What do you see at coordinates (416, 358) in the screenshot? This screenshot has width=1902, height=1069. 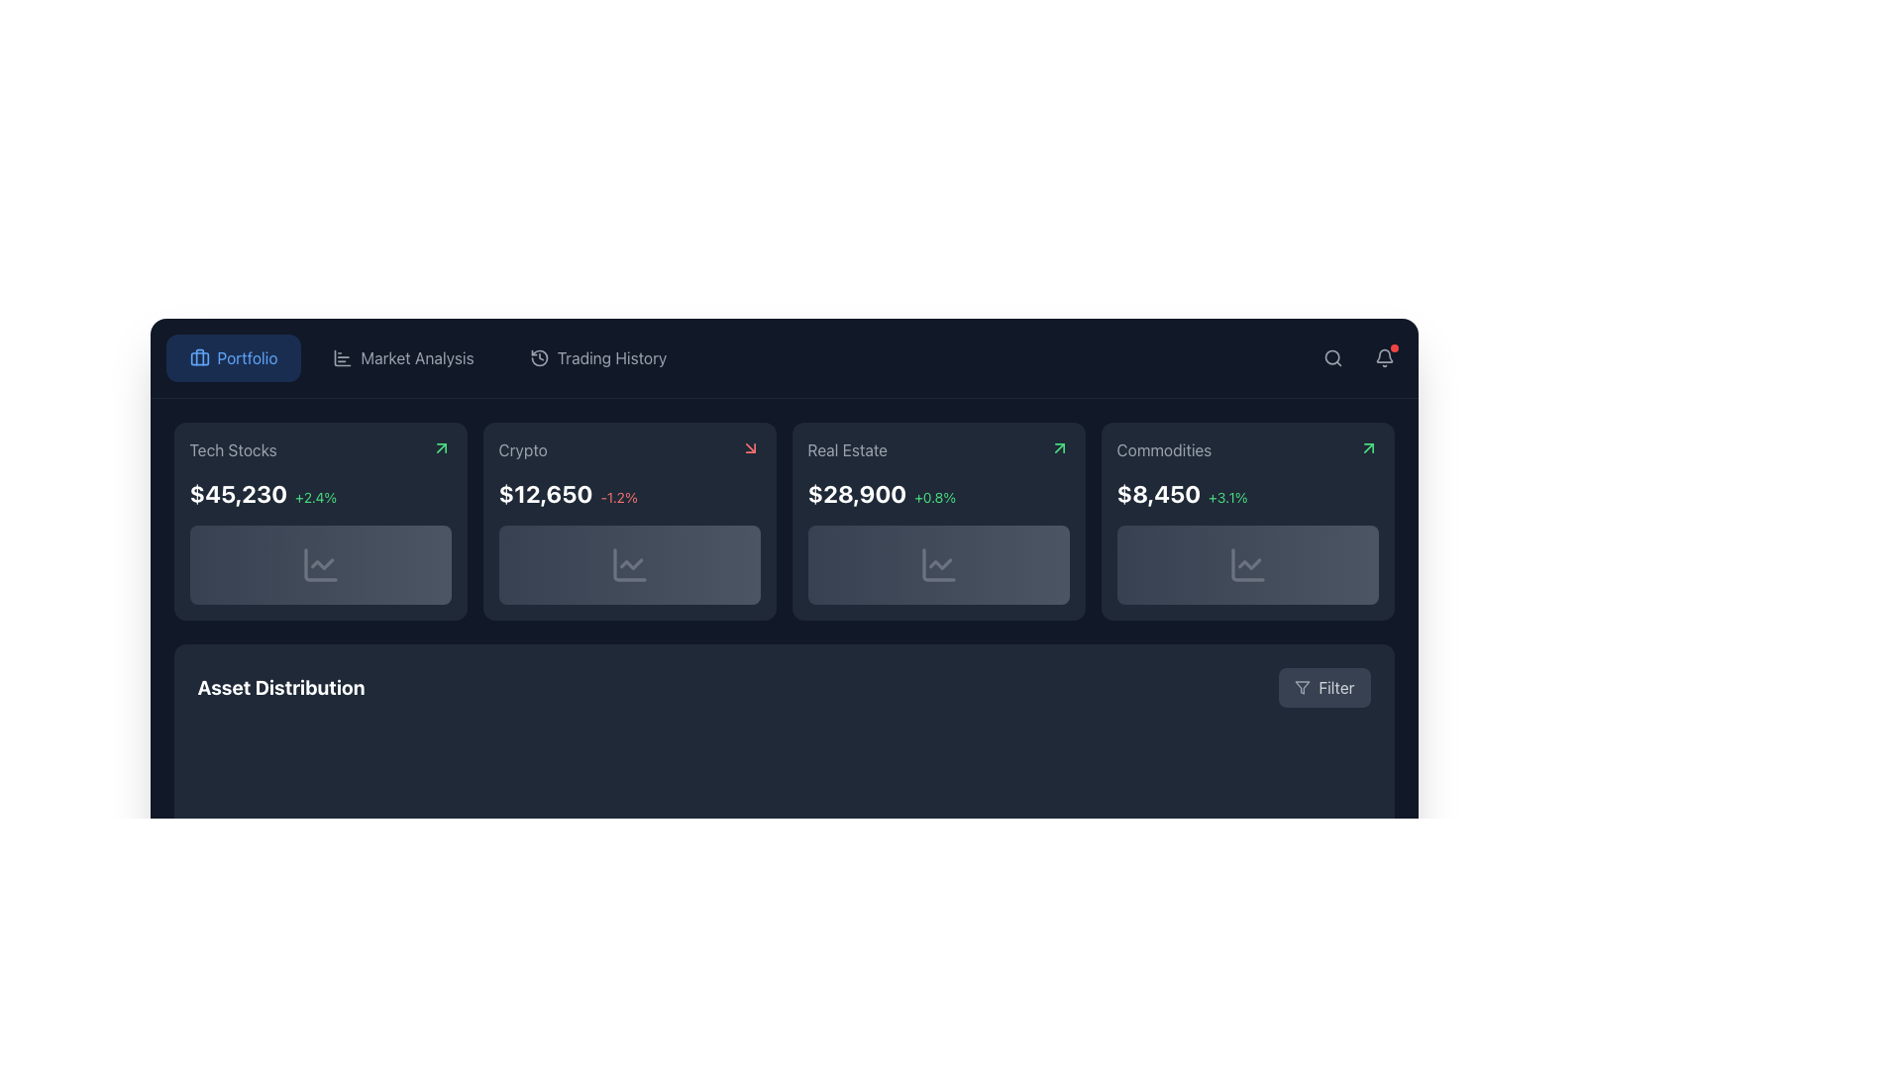 I see `the 'Market Analysis' text link located in the navigation bar` at bounding box center [416, 358].